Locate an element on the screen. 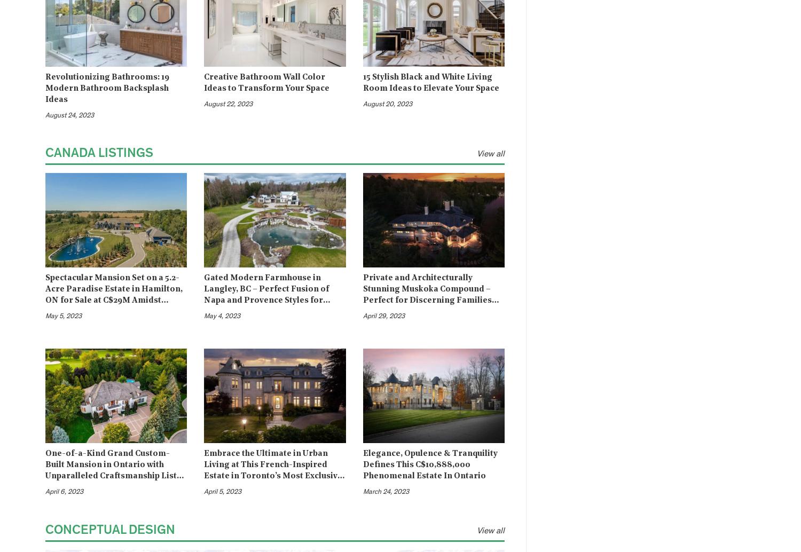  'Conceptual Design' is located at coordinates (109, 530).